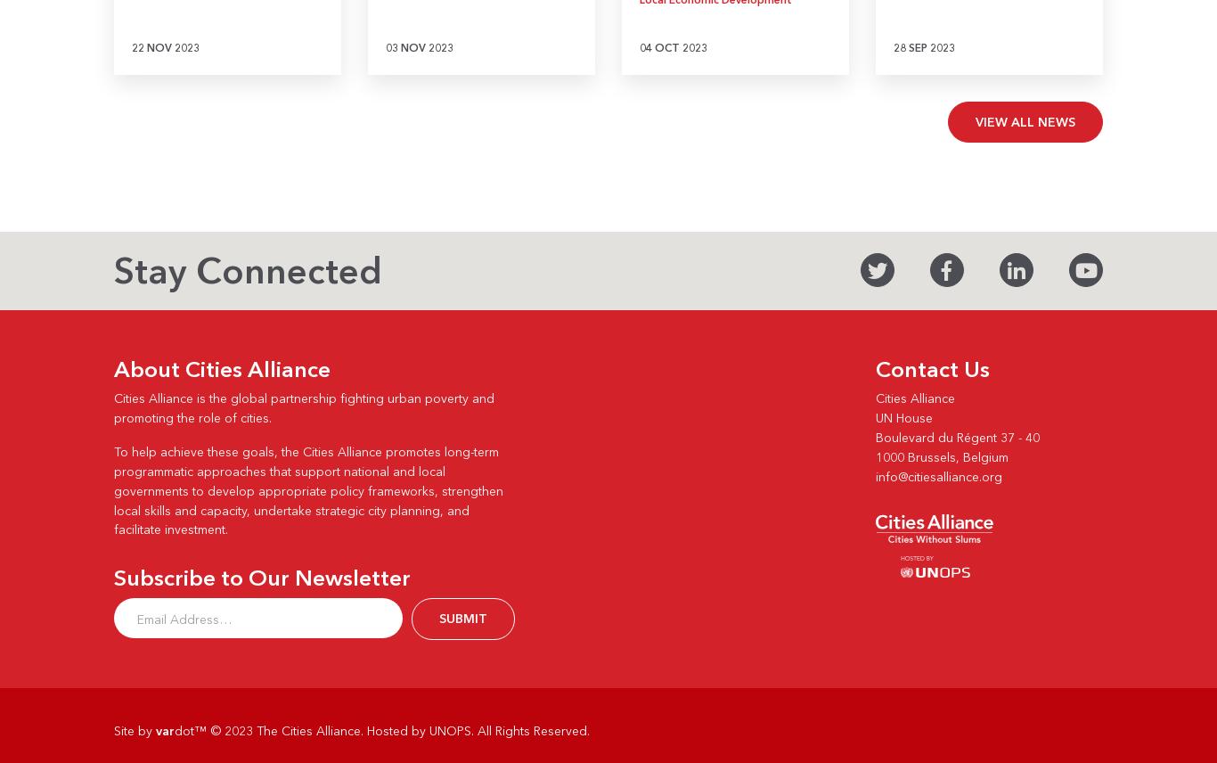 This screenshot has width=1217, height=763. Describe the element at coordinates (316, 730) in the screenshot. I see `'© 2023 The Cities Alliance. Hosted by'` at that location.